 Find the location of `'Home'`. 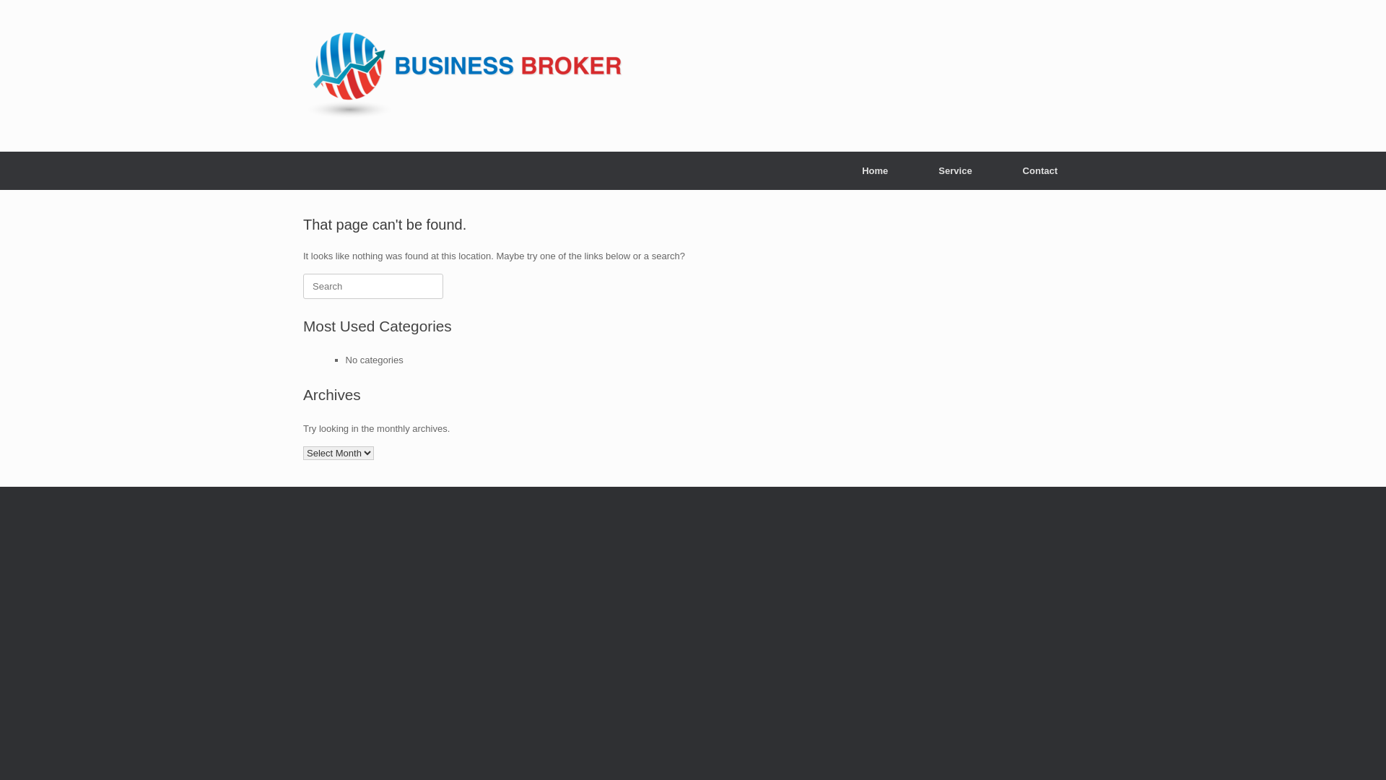

'Home' is located at coordinates (873, 170).